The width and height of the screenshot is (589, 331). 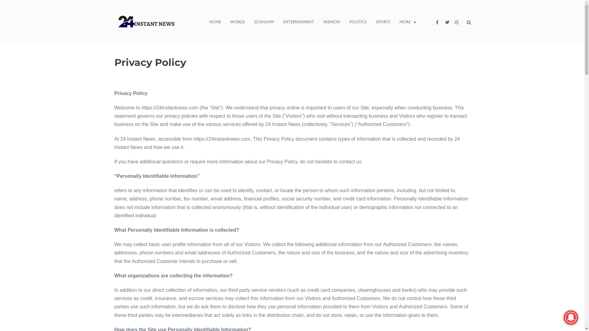 What do you see at coordinates (264, 22) in the screenshot?
I see `'Economy'` at bounding box center [264, 22].